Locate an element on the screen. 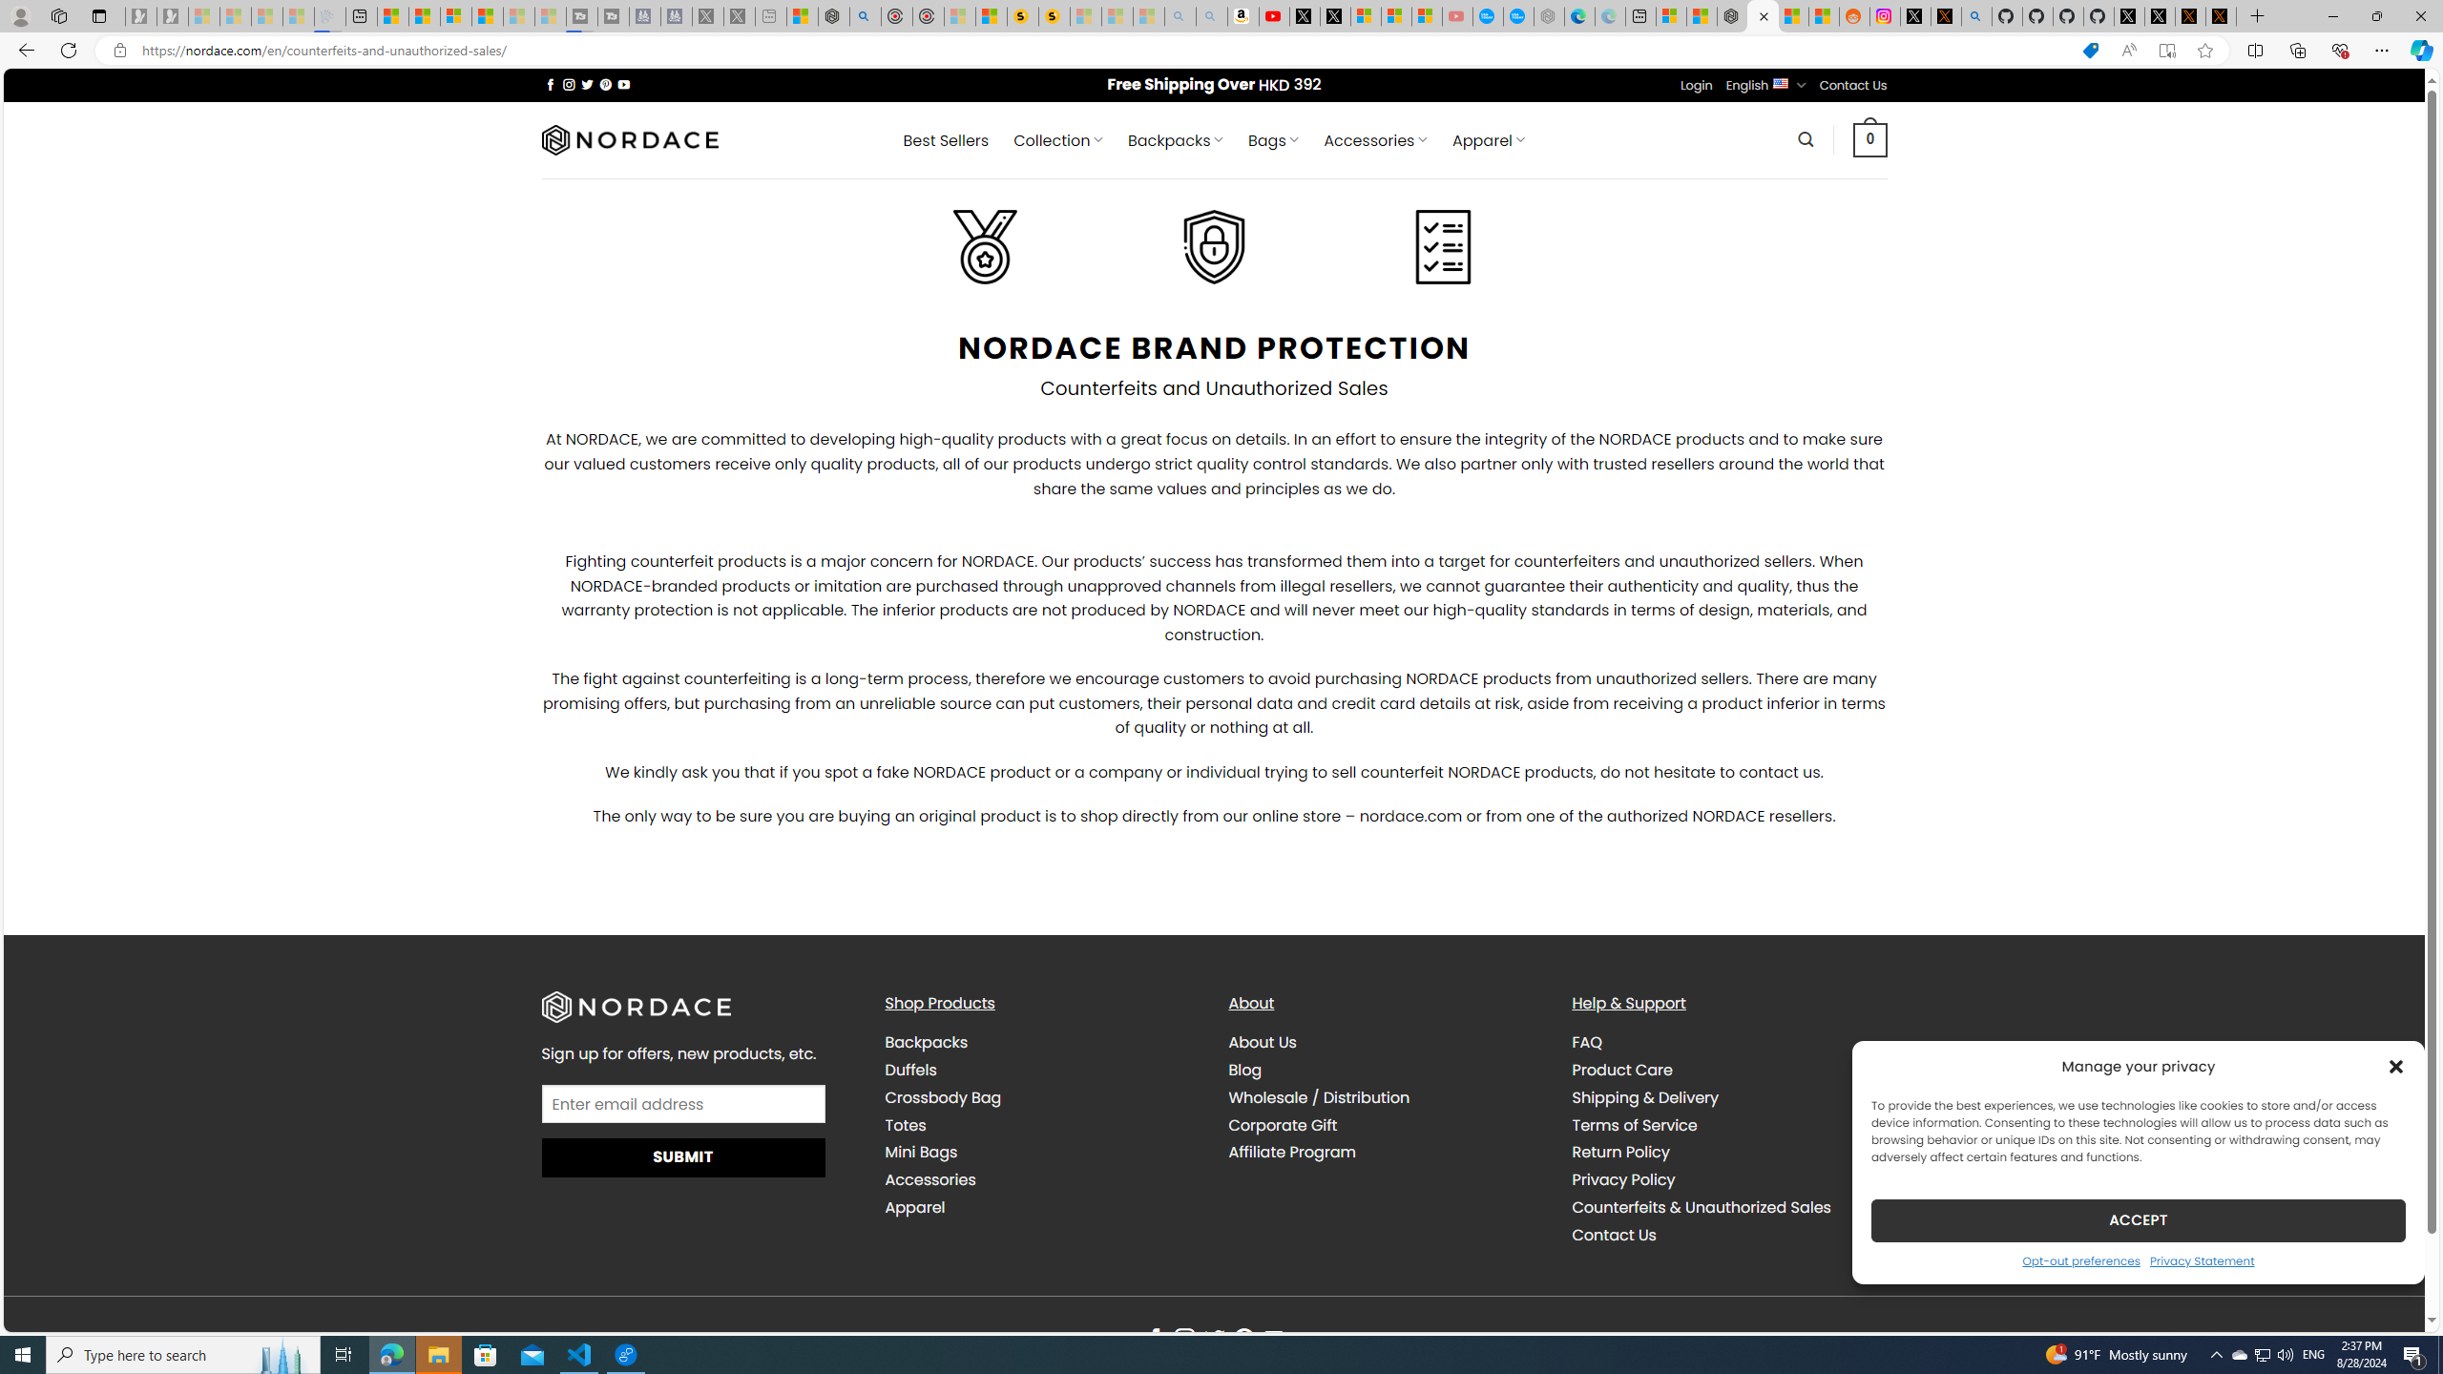  'Newsletter Sign Up - Sleeping' is located at coordinates (171, 15).